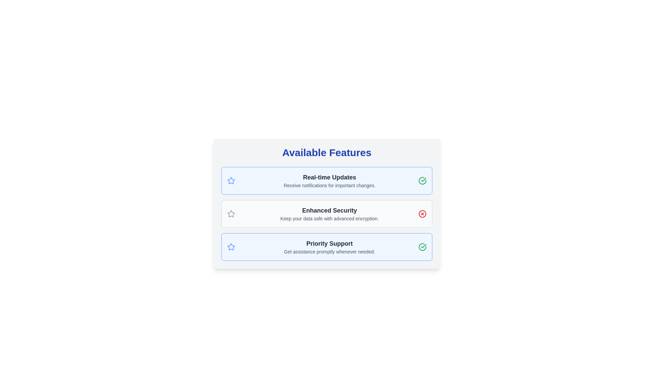 This screenshot has width=649, height=365. I want to click on the circular green checkmark icon located in the bottom-right quadrant of the 'Priority Support' checkbox area, so click(422, 247).